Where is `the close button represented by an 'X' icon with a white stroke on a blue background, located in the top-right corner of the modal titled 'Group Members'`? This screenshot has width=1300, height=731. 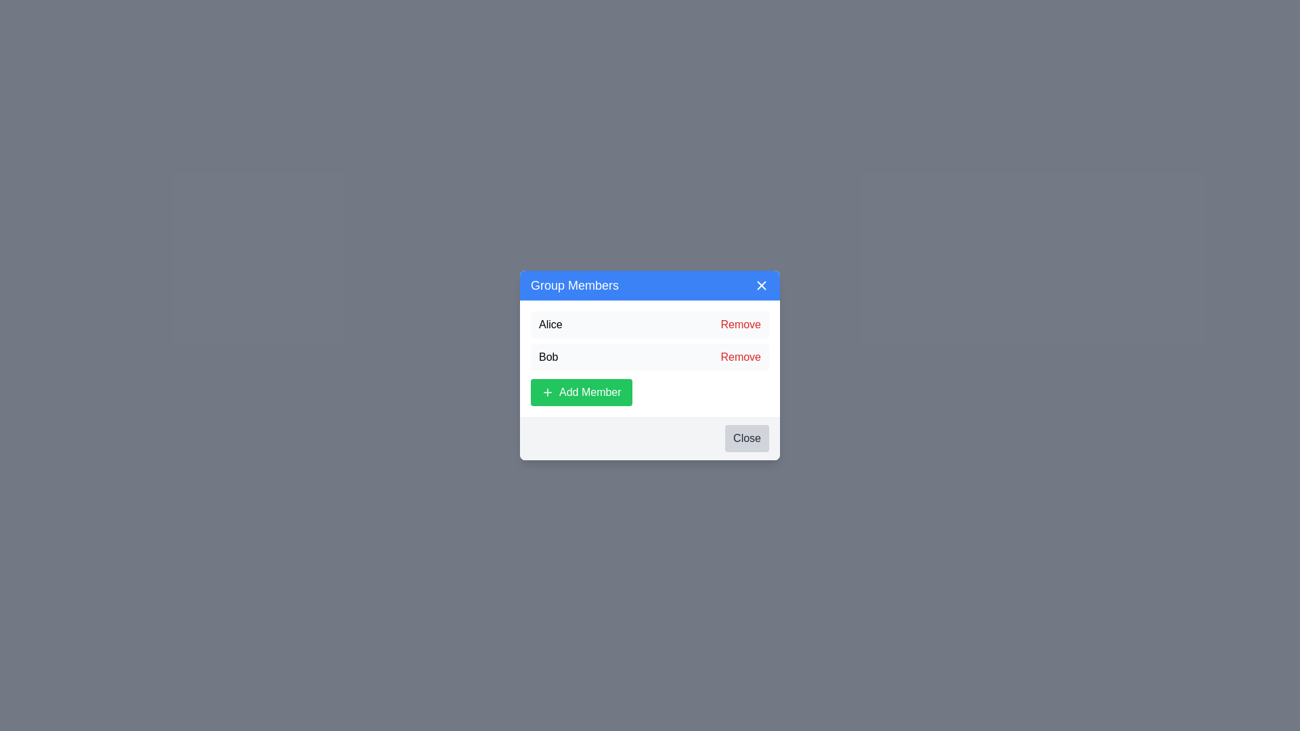 the close button represented by an 'X' icon with a white stroke on a blue background, located in the top-right corner of the modal titled 'Group Members' is located at coordinates (761, 284).